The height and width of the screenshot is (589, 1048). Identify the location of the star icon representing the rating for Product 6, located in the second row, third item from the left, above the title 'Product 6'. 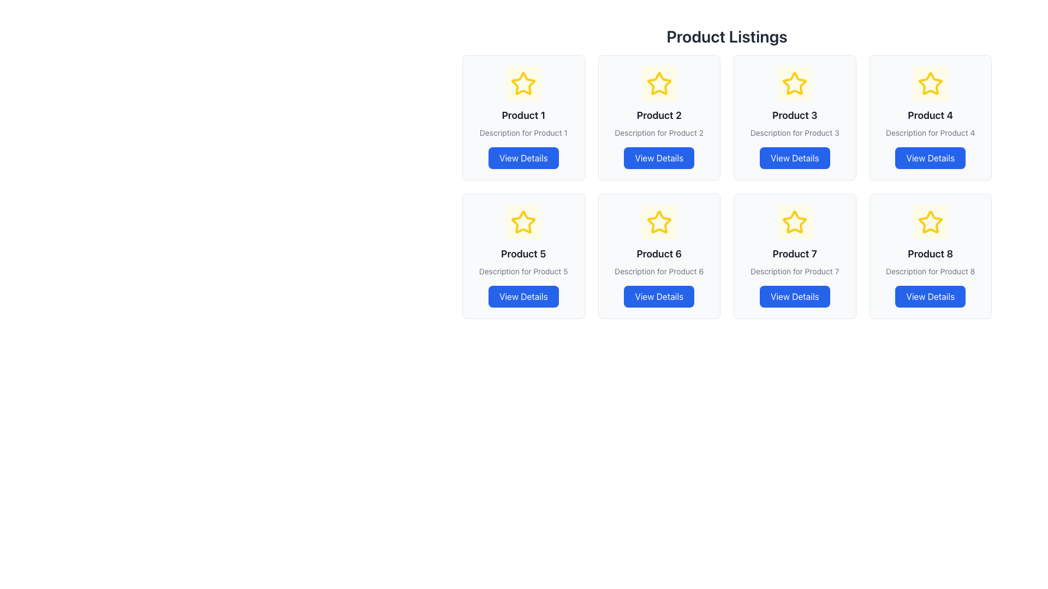
(658, 221).